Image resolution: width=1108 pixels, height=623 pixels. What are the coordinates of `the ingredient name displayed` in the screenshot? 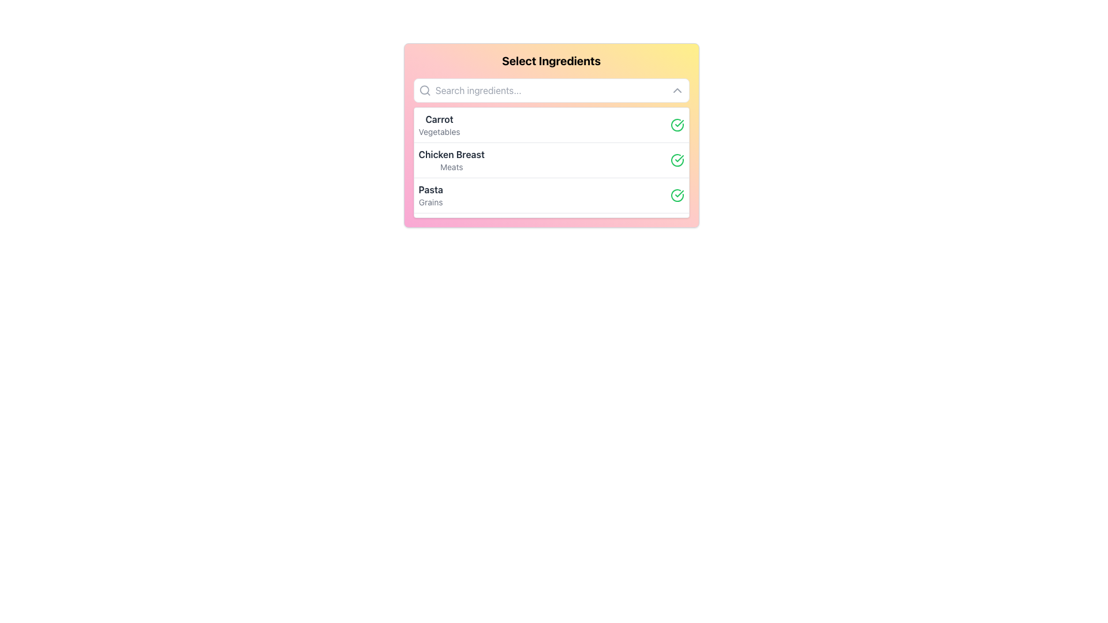 It's located at (430, 189).